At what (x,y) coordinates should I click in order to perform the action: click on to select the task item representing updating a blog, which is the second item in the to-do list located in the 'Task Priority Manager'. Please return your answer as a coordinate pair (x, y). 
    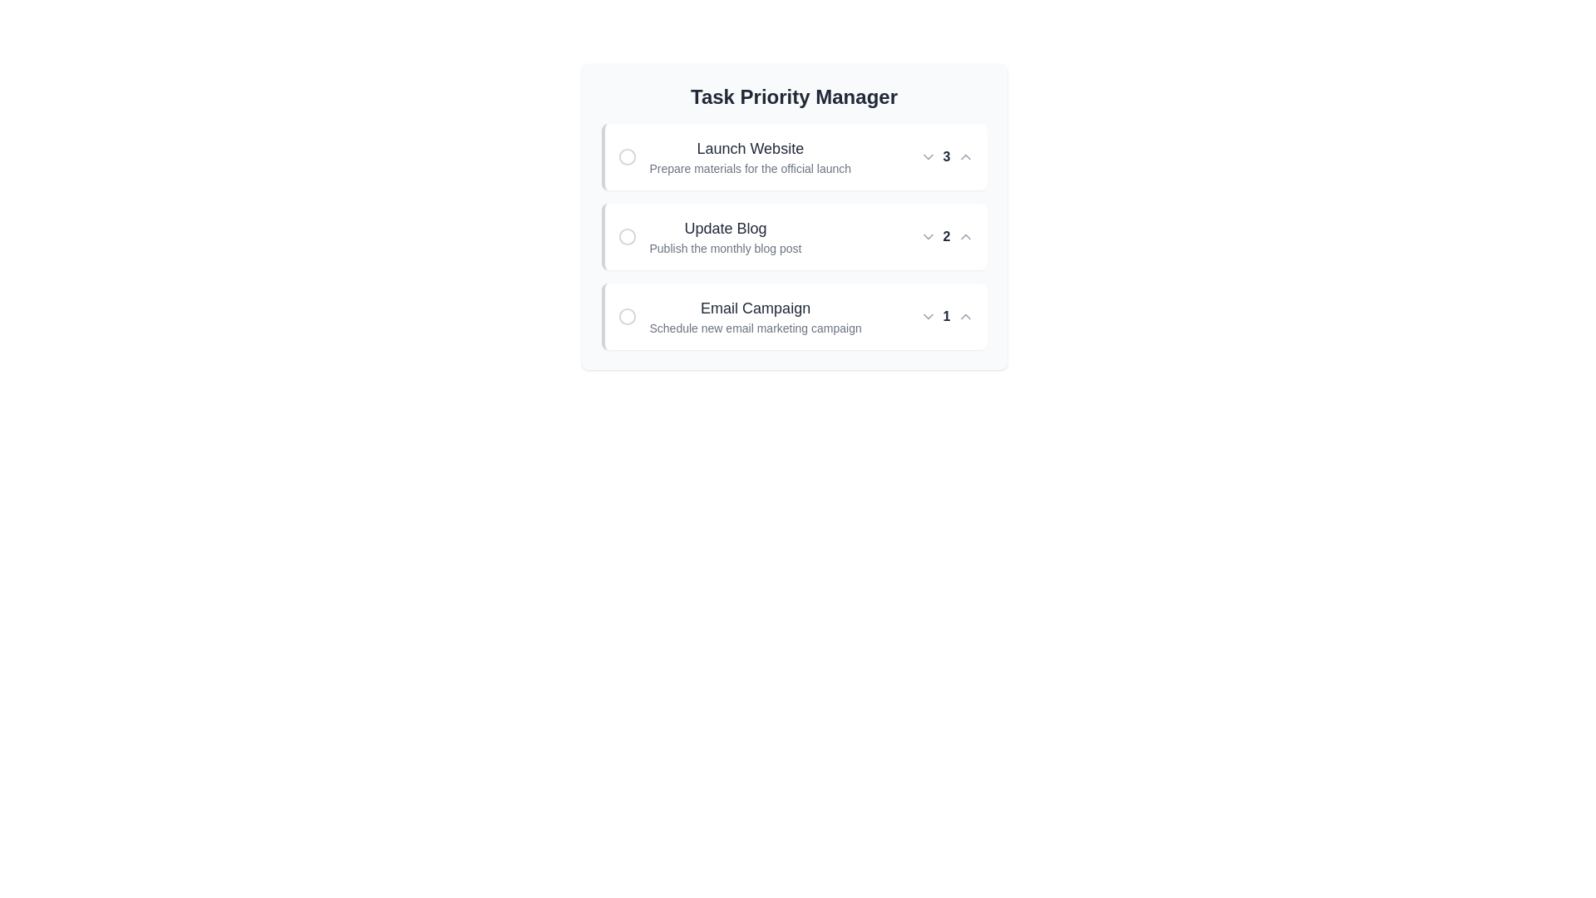
    Looking at the image, I should click on (793, 237).